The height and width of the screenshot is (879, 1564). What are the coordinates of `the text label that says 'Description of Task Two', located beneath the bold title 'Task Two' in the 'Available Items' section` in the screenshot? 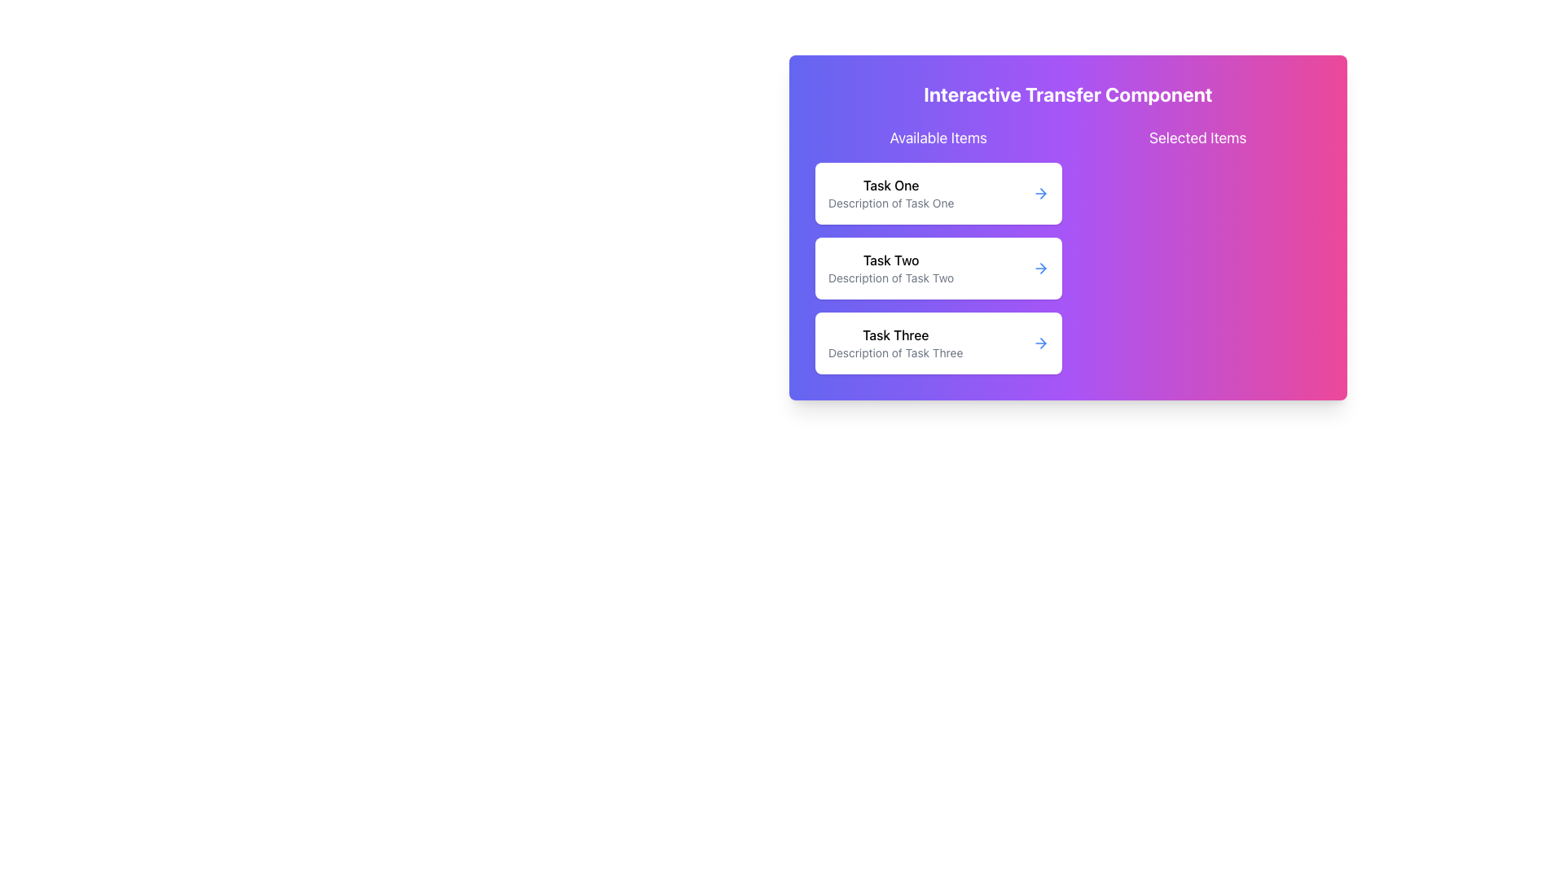 It's located at (890, 278).